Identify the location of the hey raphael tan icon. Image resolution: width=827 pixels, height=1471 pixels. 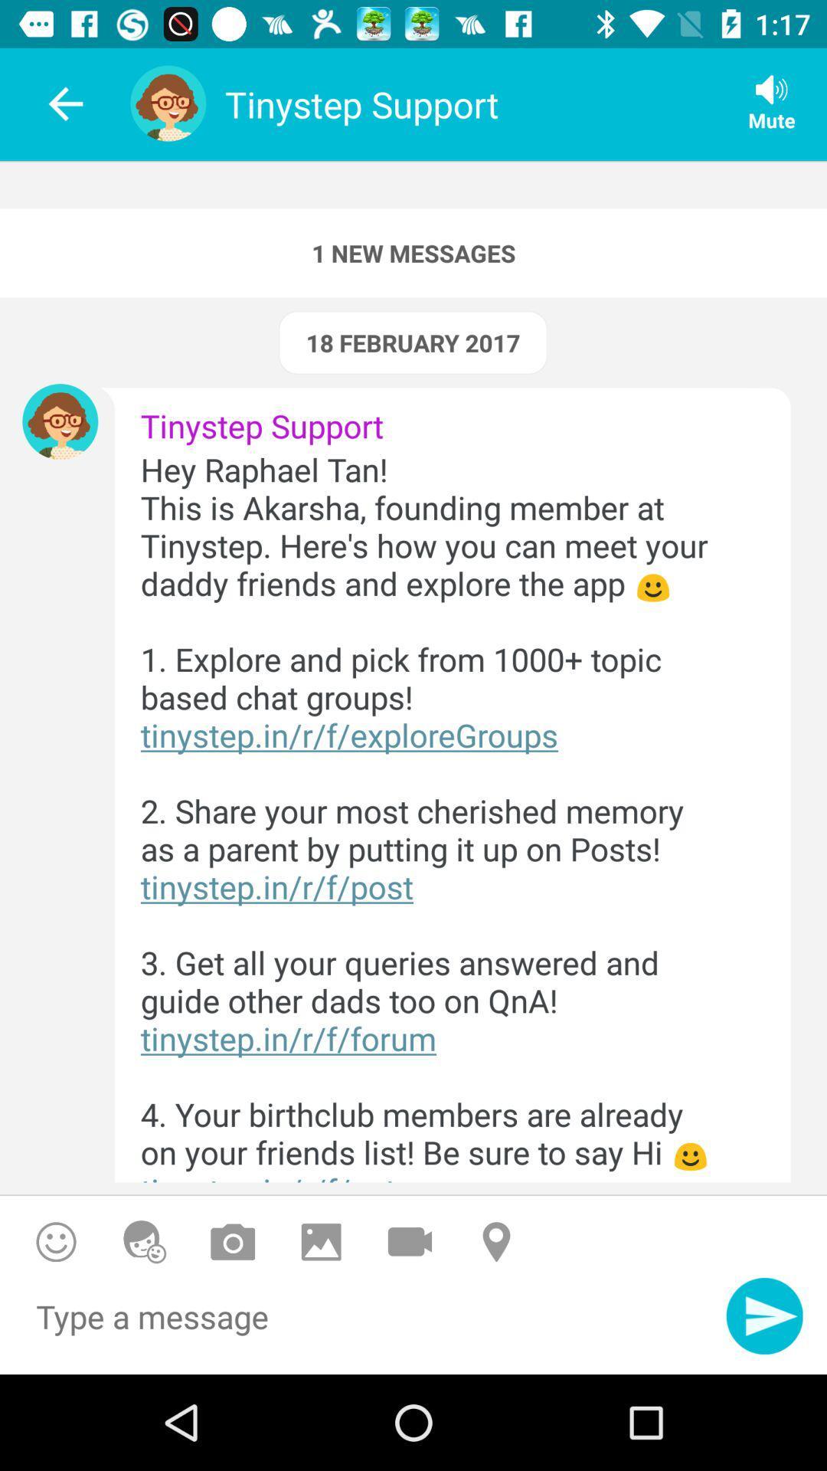
(440, 814).